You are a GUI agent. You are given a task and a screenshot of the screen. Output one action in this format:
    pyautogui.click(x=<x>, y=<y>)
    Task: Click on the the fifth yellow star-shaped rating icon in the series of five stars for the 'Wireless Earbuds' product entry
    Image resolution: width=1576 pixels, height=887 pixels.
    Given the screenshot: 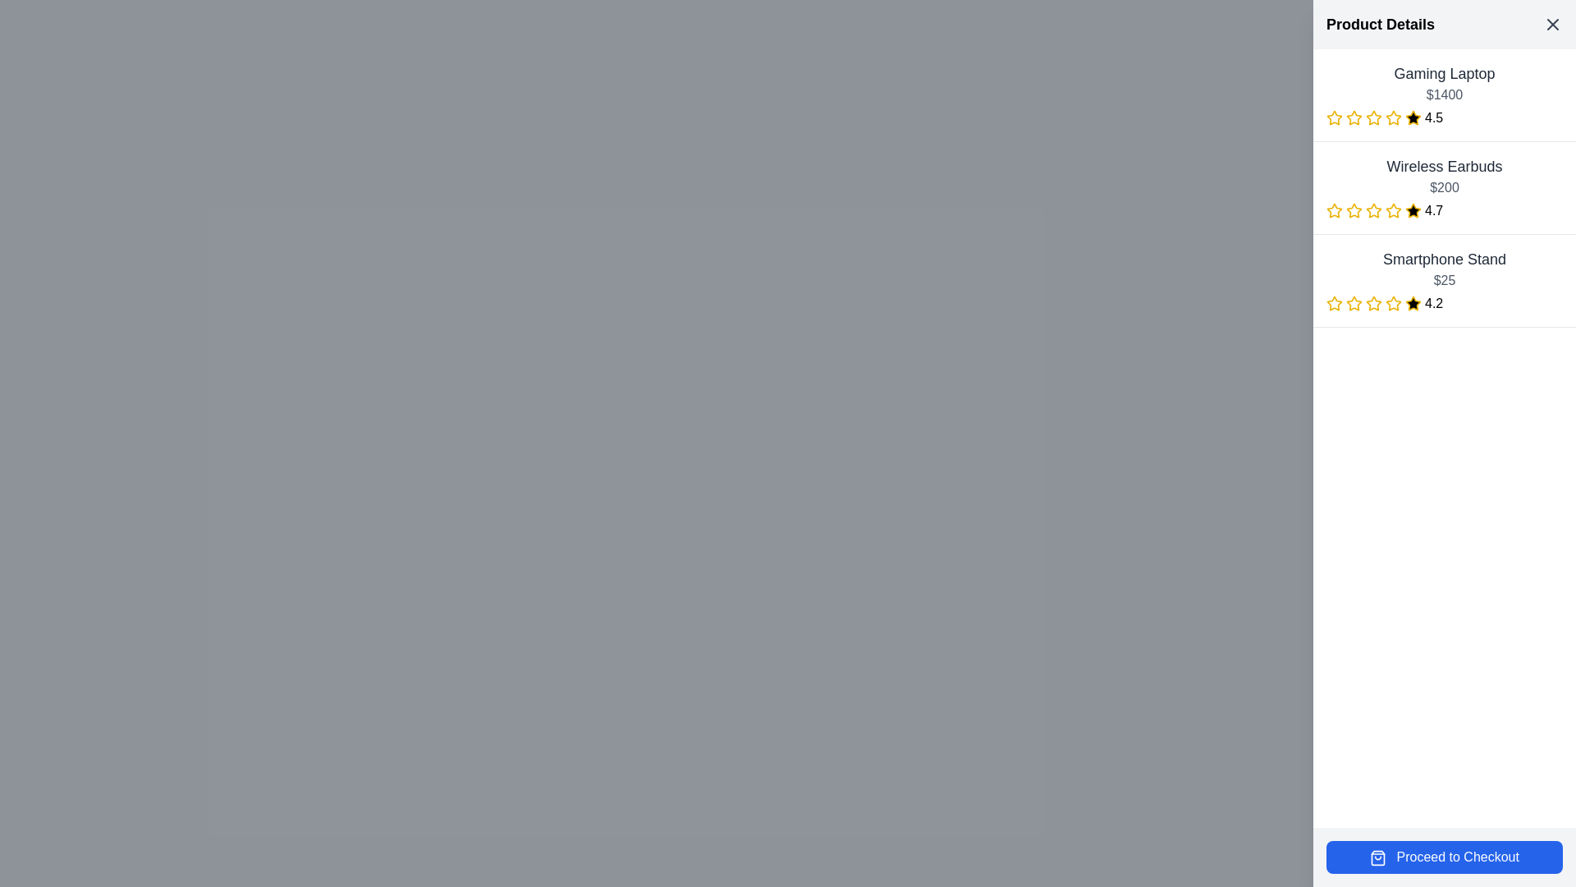 What is the action you would take?
    pyautogui.click(x=1393, y=210)
    